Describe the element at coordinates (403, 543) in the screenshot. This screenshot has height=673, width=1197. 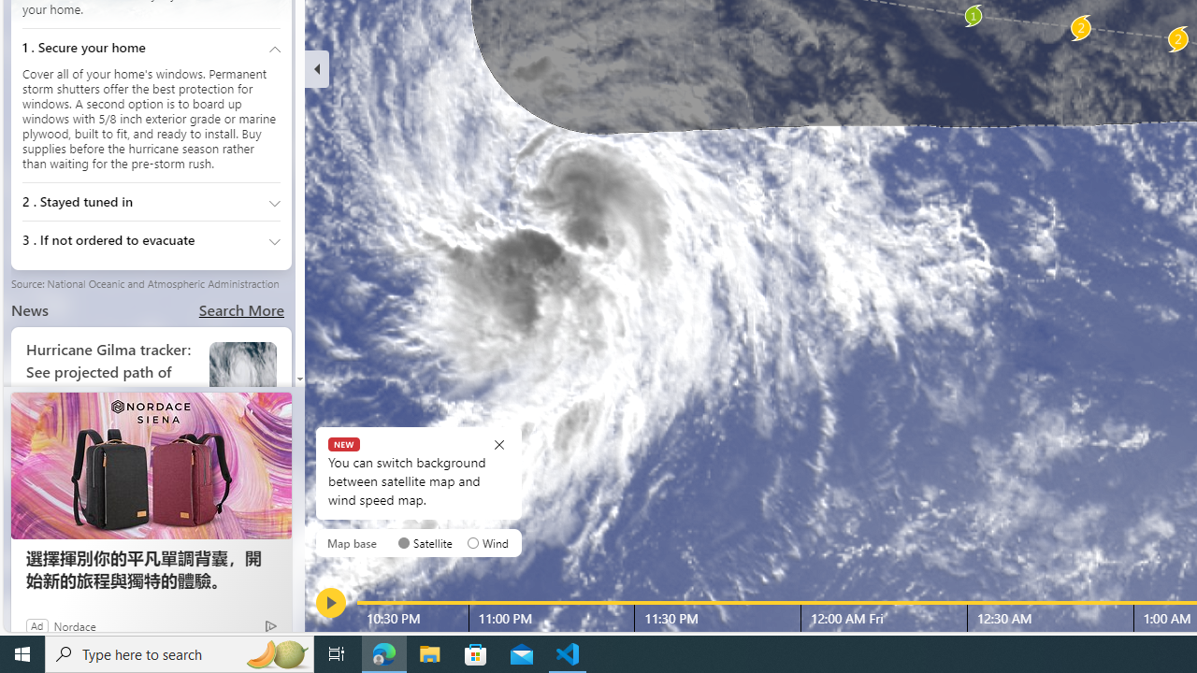
I see `'AutomationID: radioButton-DS-EntryPoint1-1-layer-subtype-0-0'` at that location.